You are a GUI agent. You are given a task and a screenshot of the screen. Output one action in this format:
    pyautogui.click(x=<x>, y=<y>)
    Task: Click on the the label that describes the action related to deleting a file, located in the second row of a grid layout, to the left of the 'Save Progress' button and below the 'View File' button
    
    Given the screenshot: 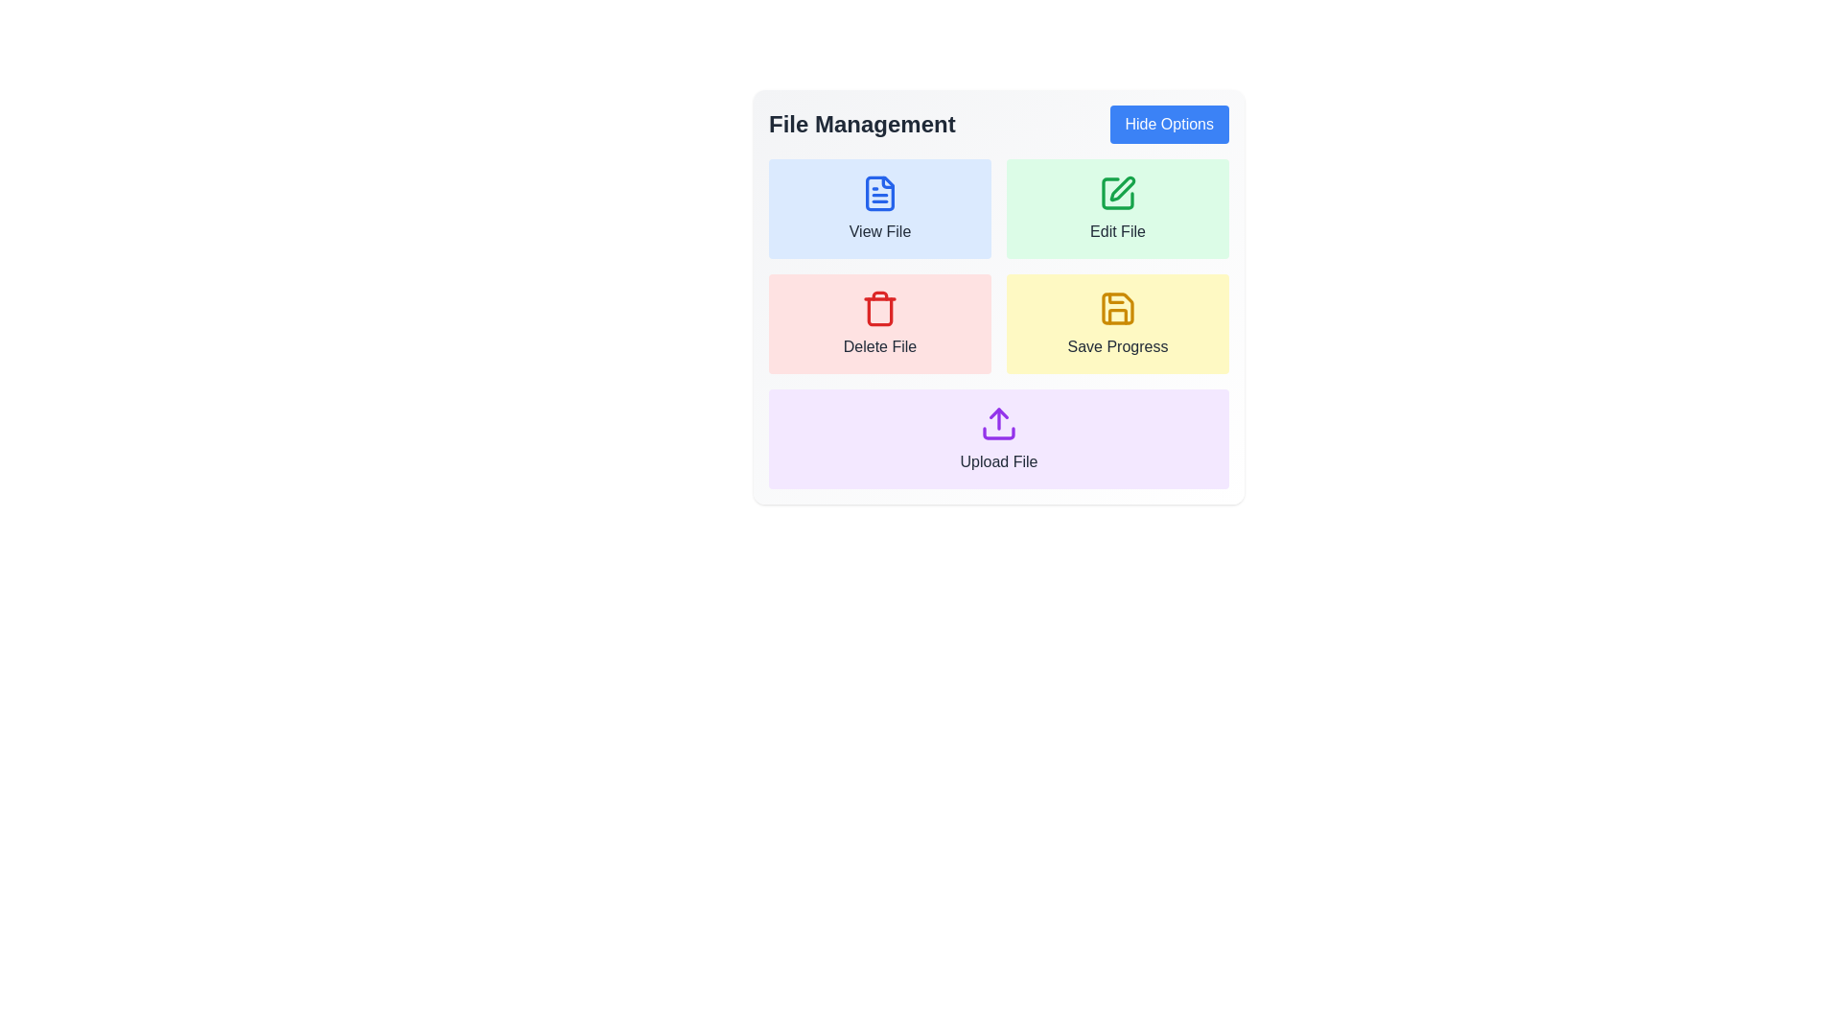 What is the action you would take?
    pyautogui.click(x=878, y=347)
    